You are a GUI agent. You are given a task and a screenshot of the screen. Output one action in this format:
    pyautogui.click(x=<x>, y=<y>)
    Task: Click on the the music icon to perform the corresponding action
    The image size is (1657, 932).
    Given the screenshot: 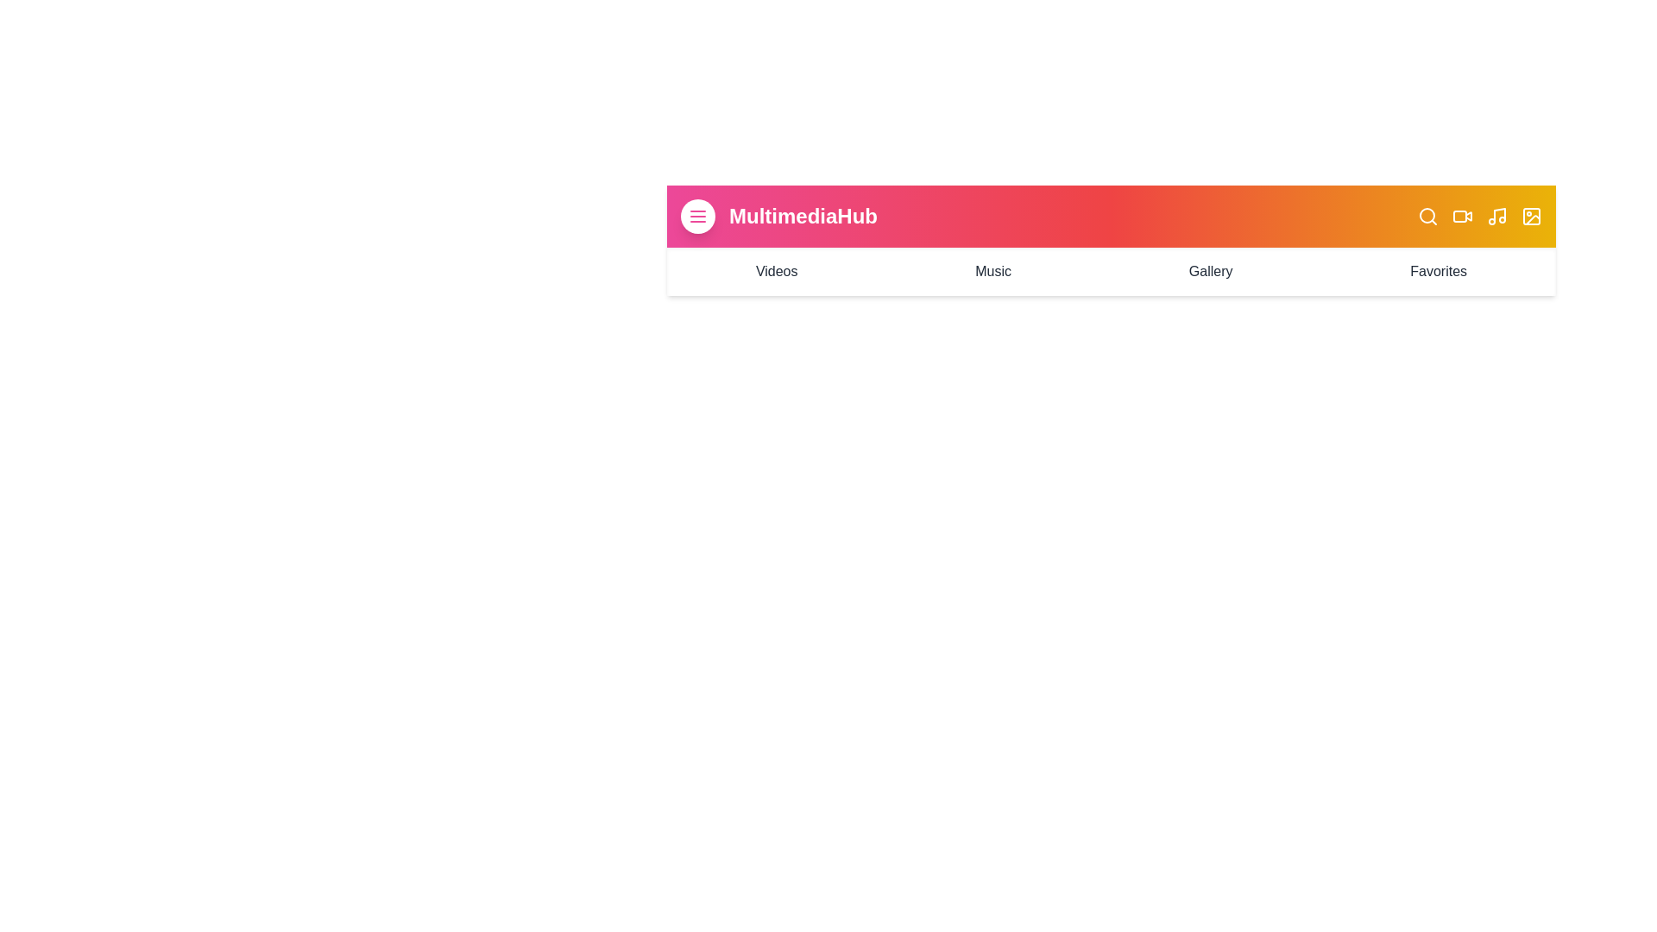 What is the action you would take?
    pyautogui.click(x=1496, y=215)
    